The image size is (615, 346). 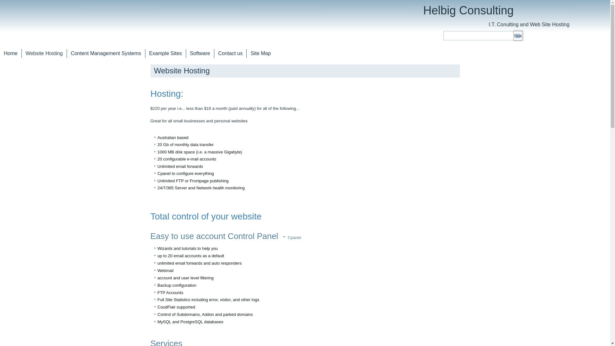 What do you see at coordinates (230, 53) in the screenshot?
I see `'Contact us'` at bounding box center [230, 53].